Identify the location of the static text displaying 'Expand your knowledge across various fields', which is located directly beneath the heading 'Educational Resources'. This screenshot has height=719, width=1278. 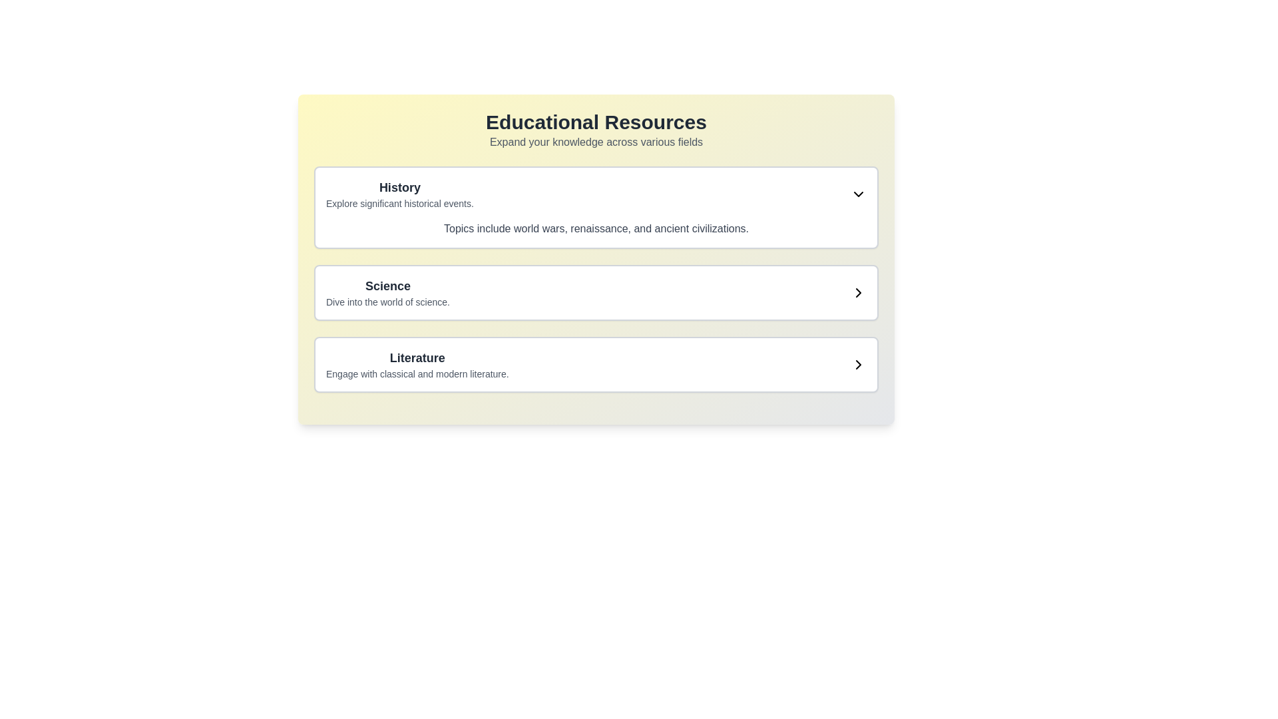
(596, 142).